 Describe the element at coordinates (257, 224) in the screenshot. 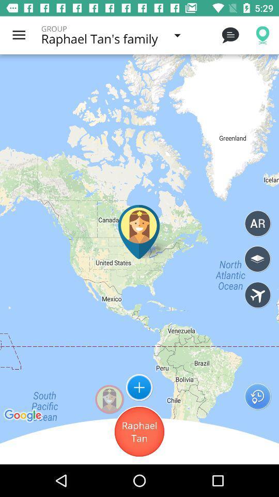

I see `the circle which has ar mentioned inside it` at that location.